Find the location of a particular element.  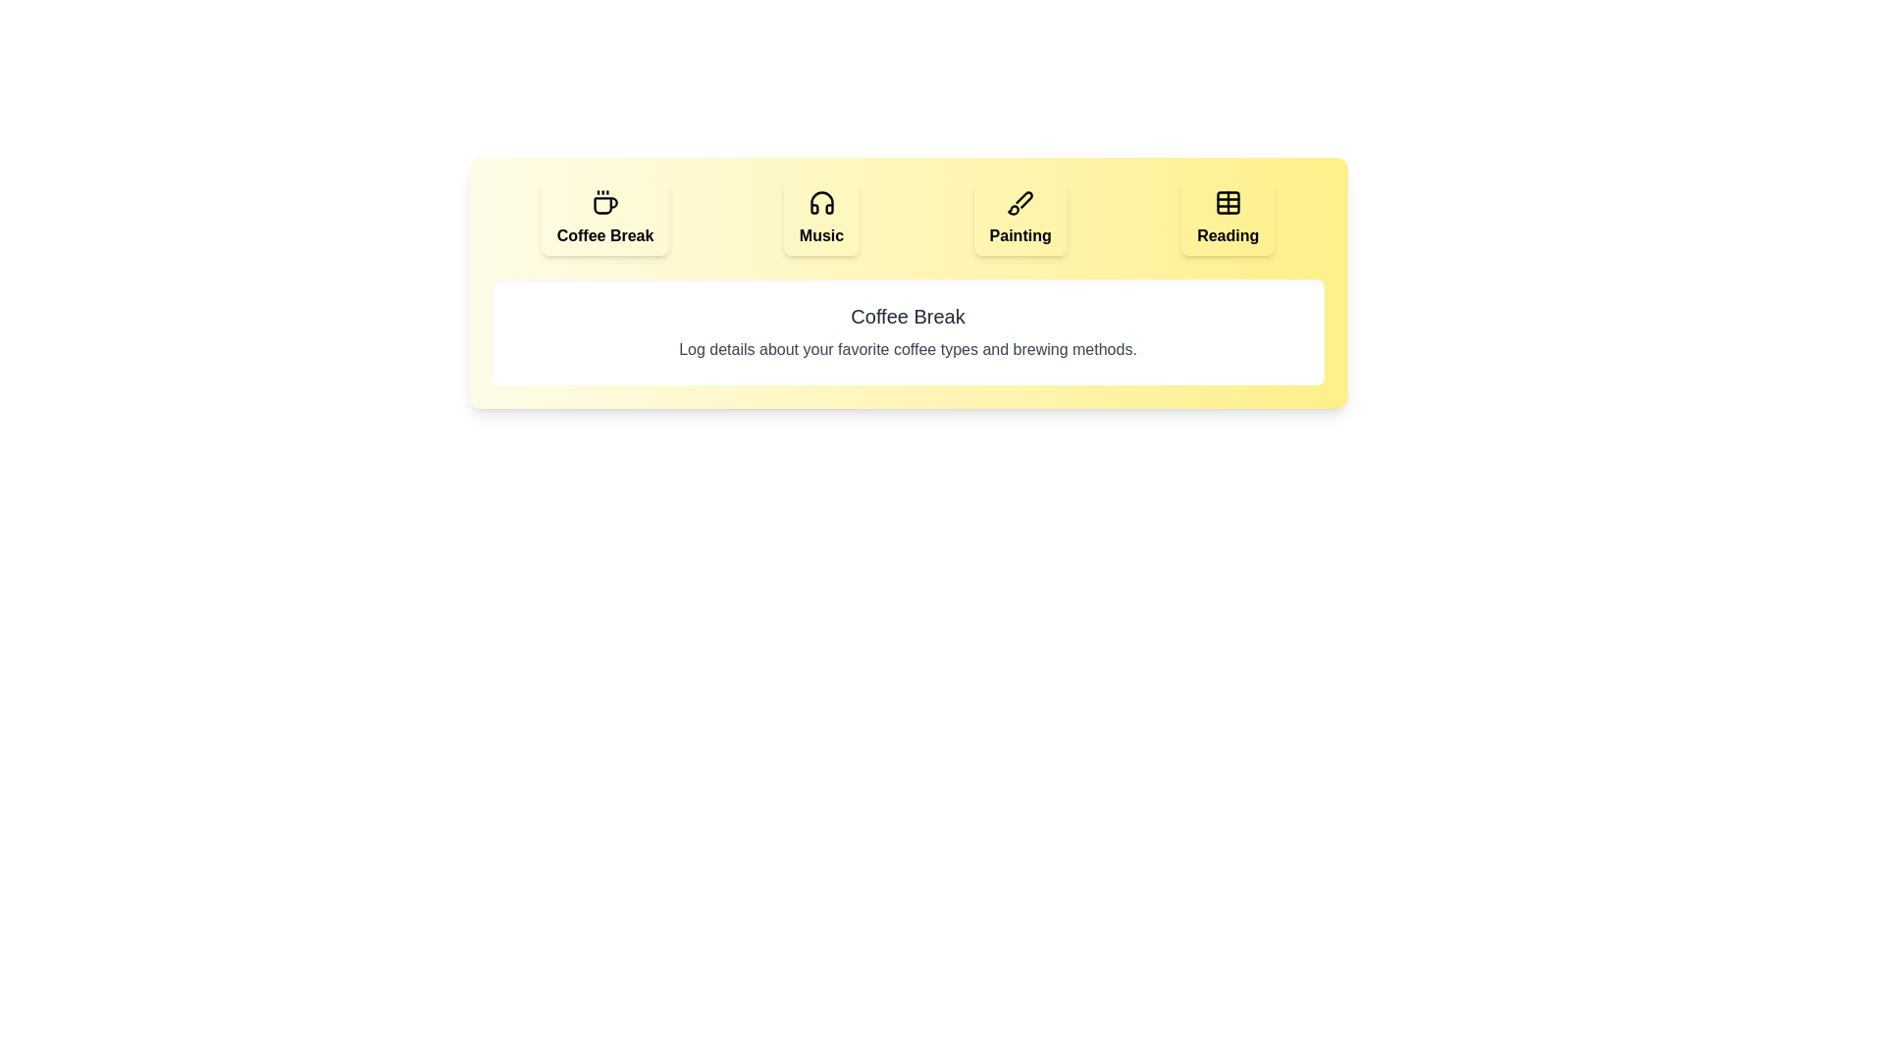

the Music activity icon represented by the band of a headphone illustration, located in the second position from the left in a row of icons on a yellow background is located at coordinates (821, 203).